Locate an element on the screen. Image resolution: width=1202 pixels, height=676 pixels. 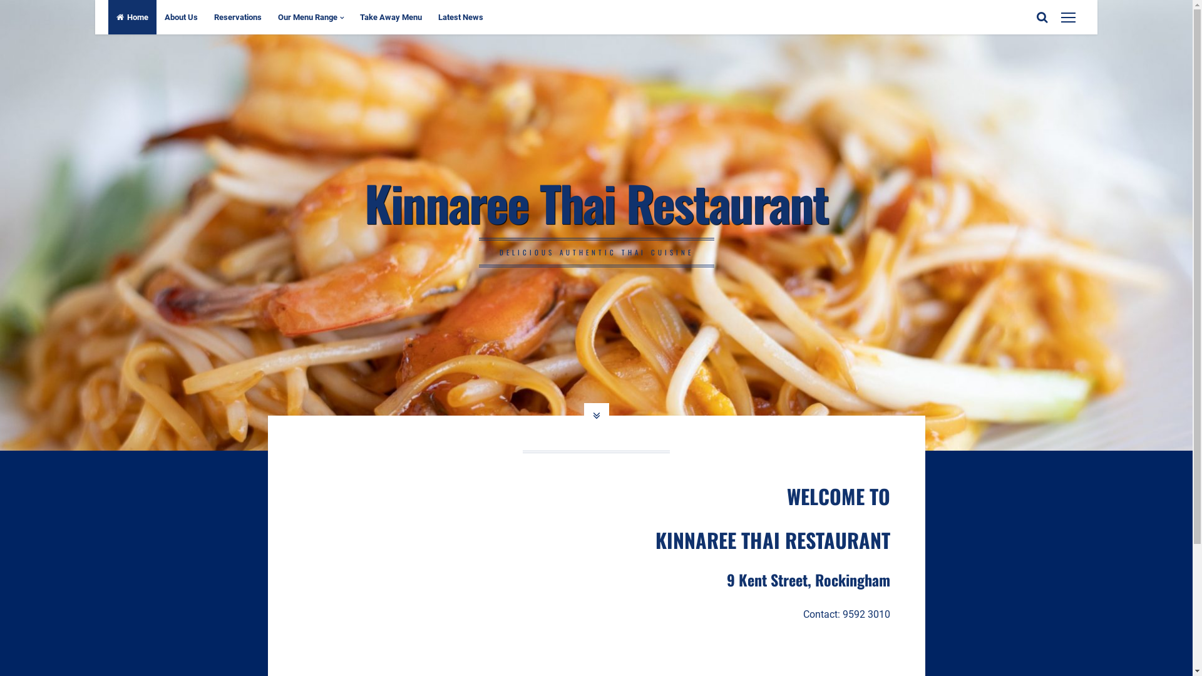
'Latest News' is located at coordinates (460, 17).